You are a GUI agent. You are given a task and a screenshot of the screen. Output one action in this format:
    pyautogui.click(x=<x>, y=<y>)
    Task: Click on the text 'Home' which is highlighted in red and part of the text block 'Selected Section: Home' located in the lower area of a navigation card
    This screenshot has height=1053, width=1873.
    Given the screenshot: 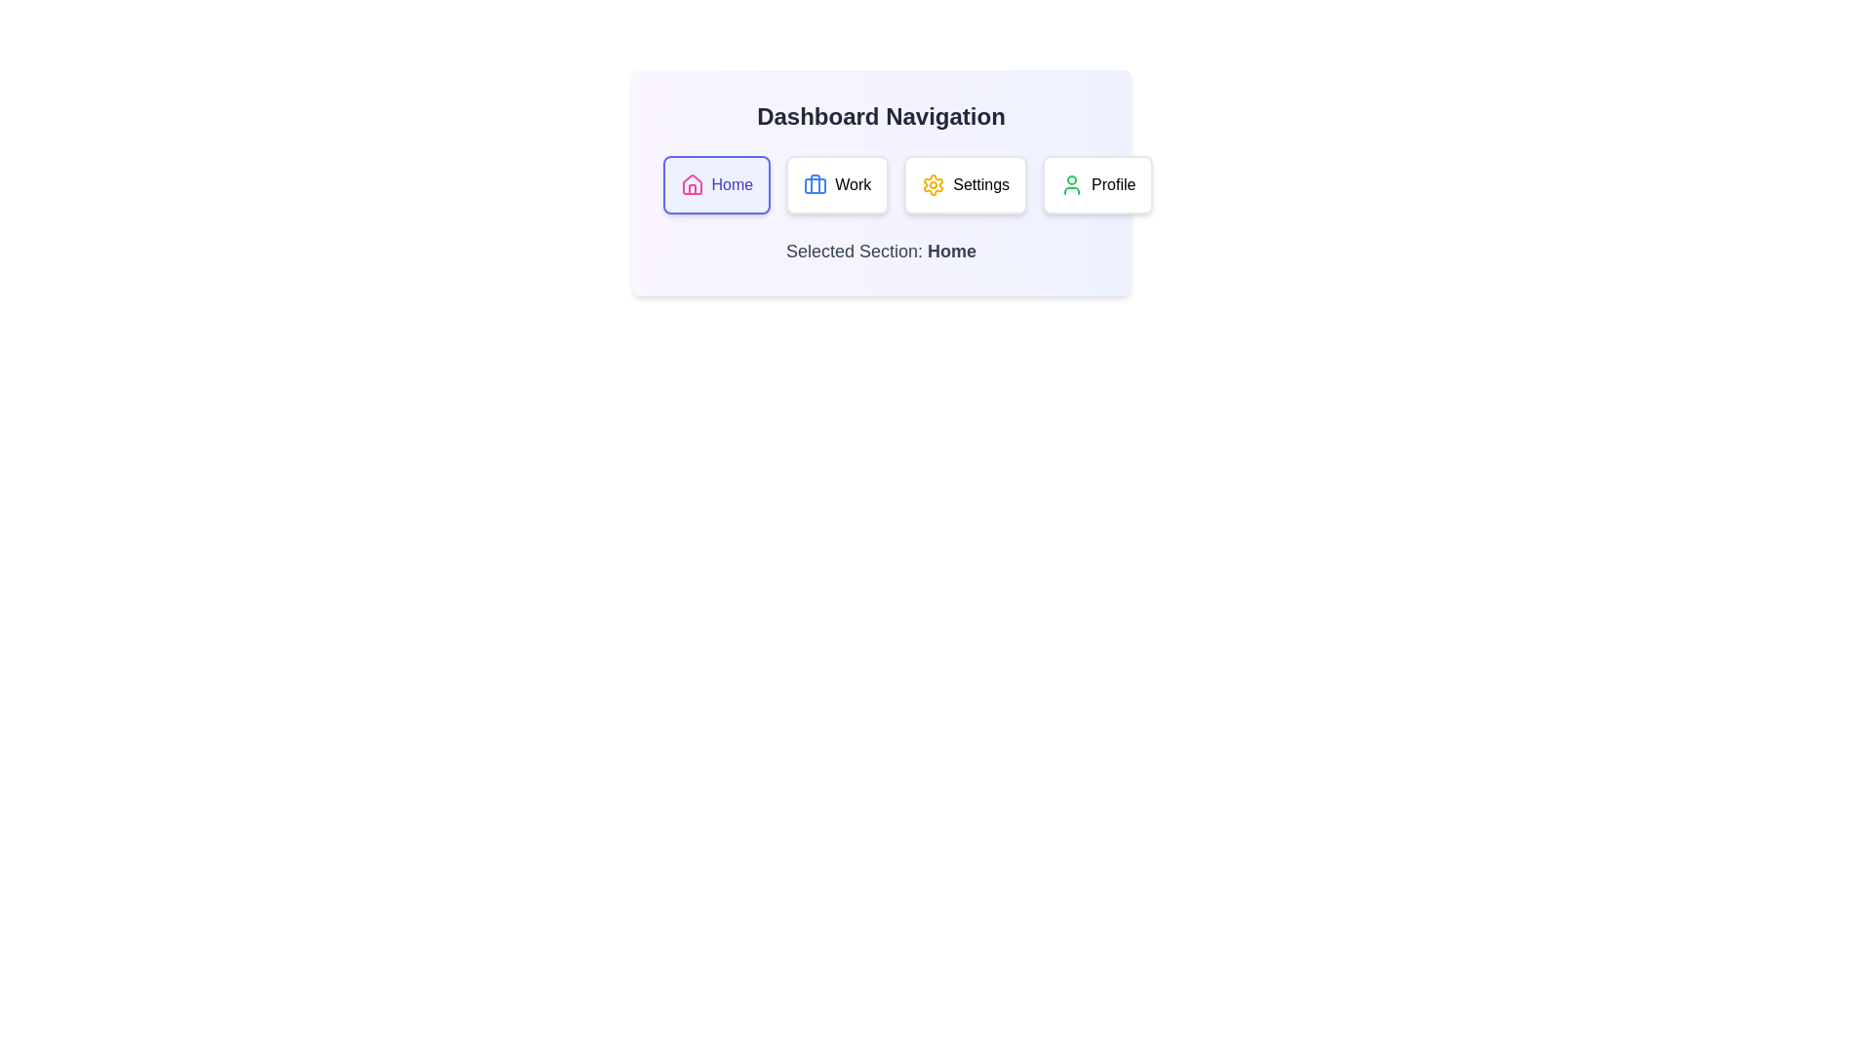 What is the action you would take?
    pyautogui.click(x=952, y=251)
    